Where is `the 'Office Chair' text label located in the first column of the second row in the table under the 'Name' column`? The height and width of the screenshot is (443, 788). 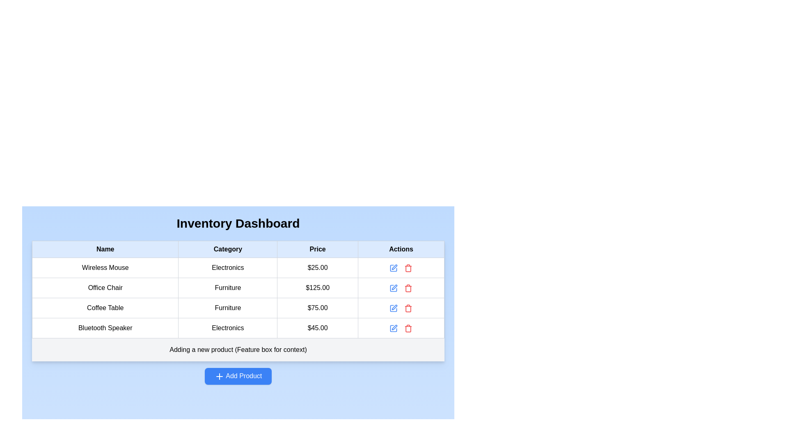 the 'Office Chair' text label located in the first column of the second row in the table under the 'Name' column is located at coordinates (105, 288).